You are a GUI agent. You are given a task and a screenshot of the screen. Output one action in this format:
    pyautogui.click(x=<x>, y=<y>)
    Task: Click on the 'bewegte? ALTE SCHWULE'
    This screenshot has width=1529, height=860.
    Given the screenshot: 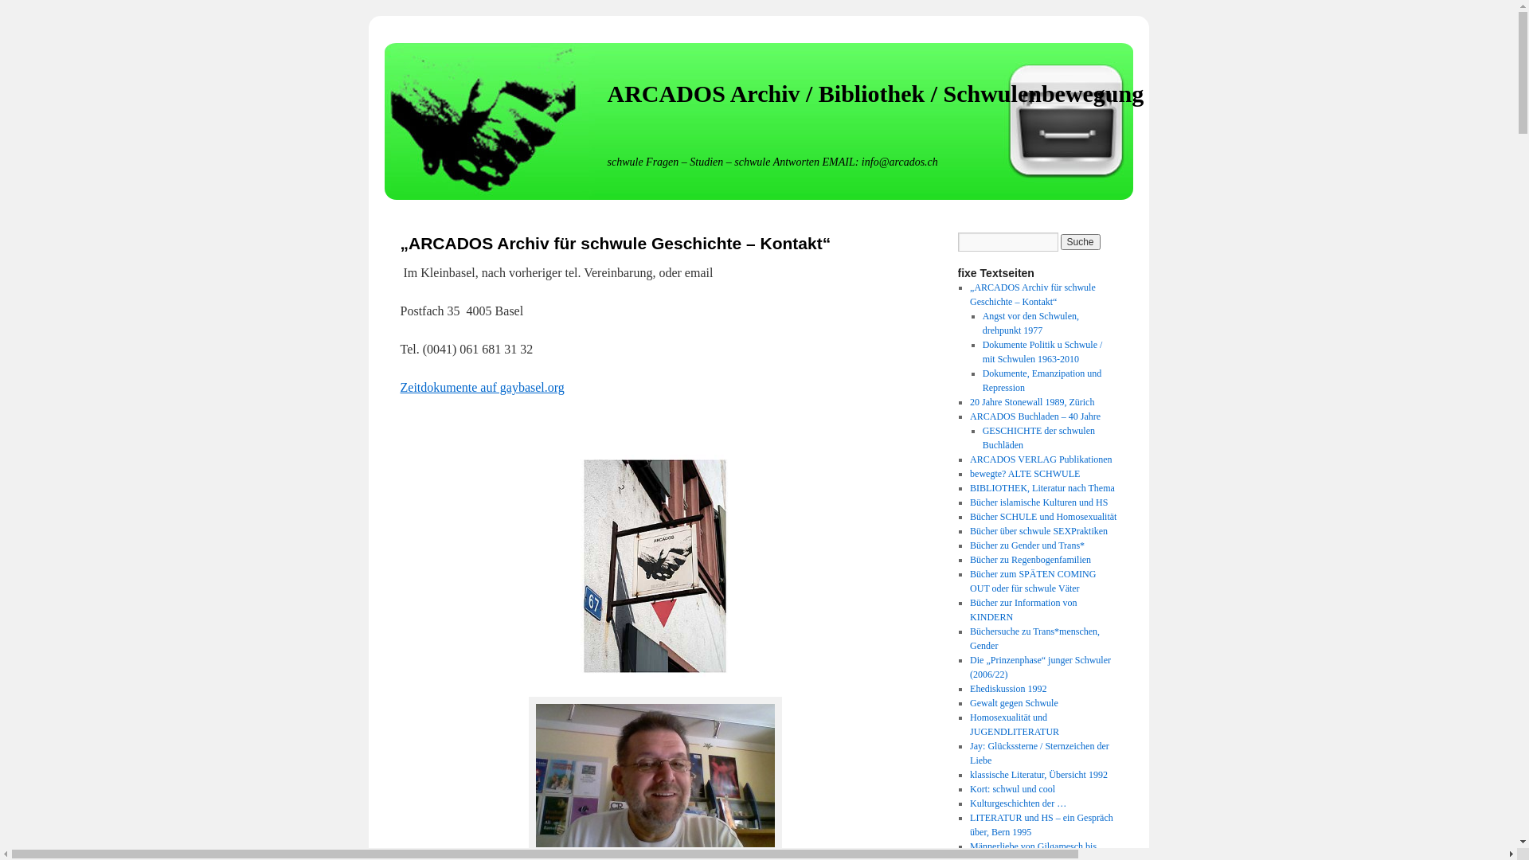 What is the action you would take?
    pyautogui.click(x=1024, y=472)
    